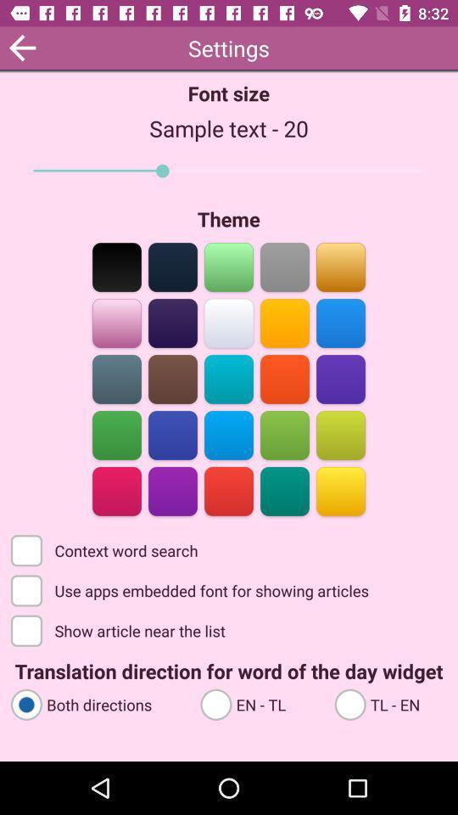 Image resolution: width=458 pixels, height=815 pixels. I want to click on theme color orange, so click(340, 266).